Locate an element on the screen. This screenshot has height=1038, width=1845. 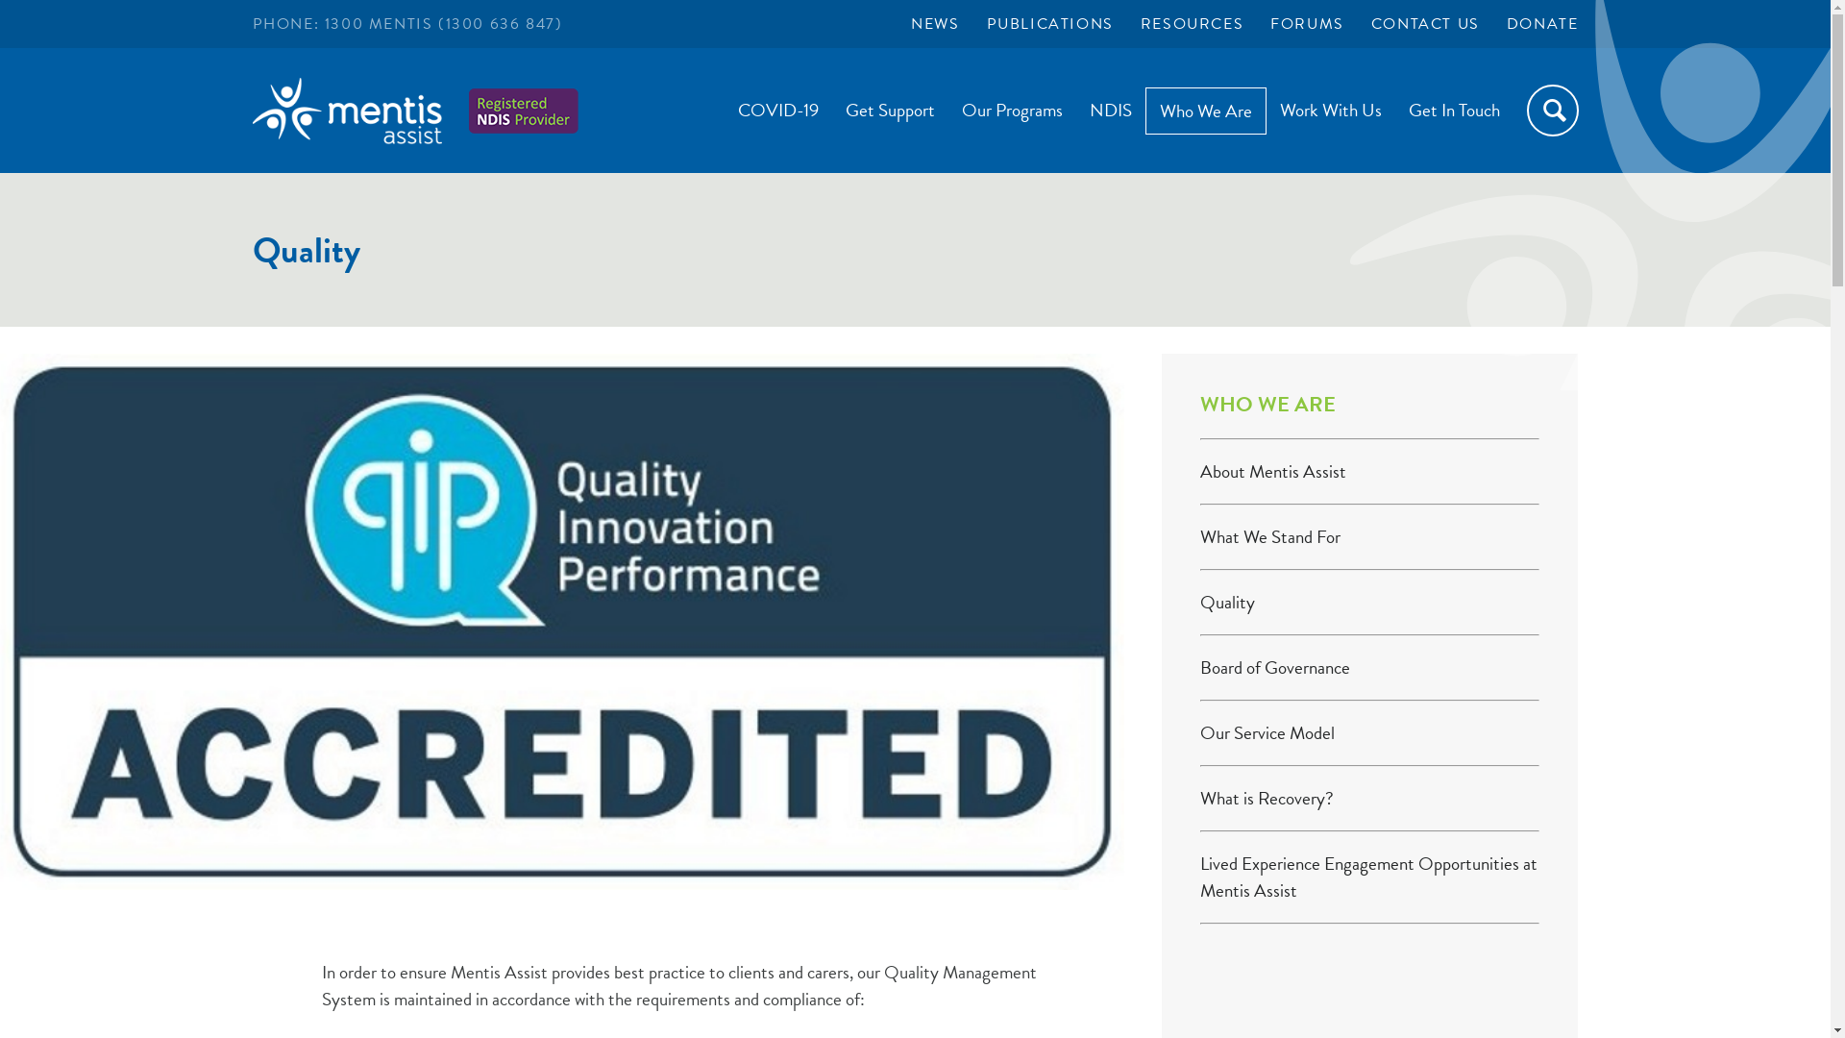
'HOME' is located at coordinates (346, 119).